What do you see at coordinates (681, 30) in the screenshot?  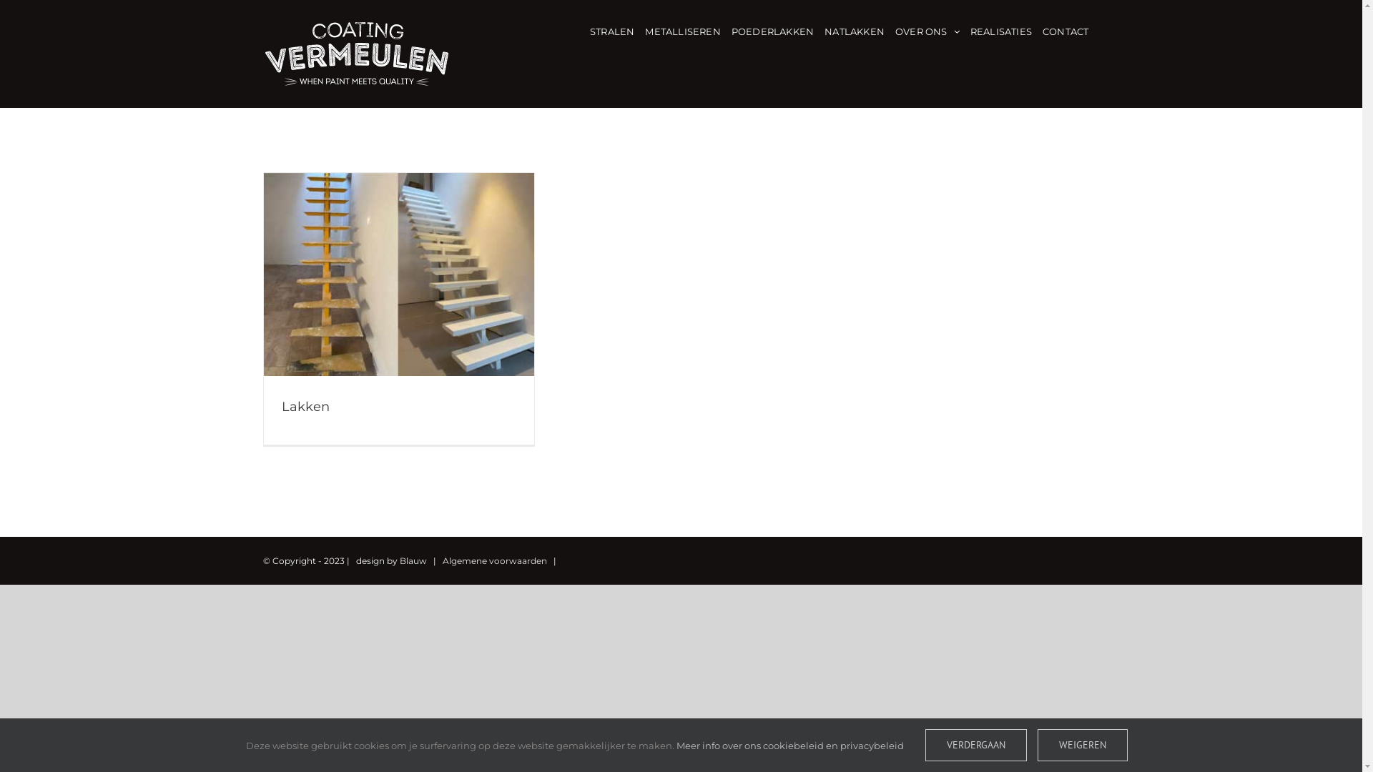 I see `'METALLISEREN'` at bounding box center [681, 30].